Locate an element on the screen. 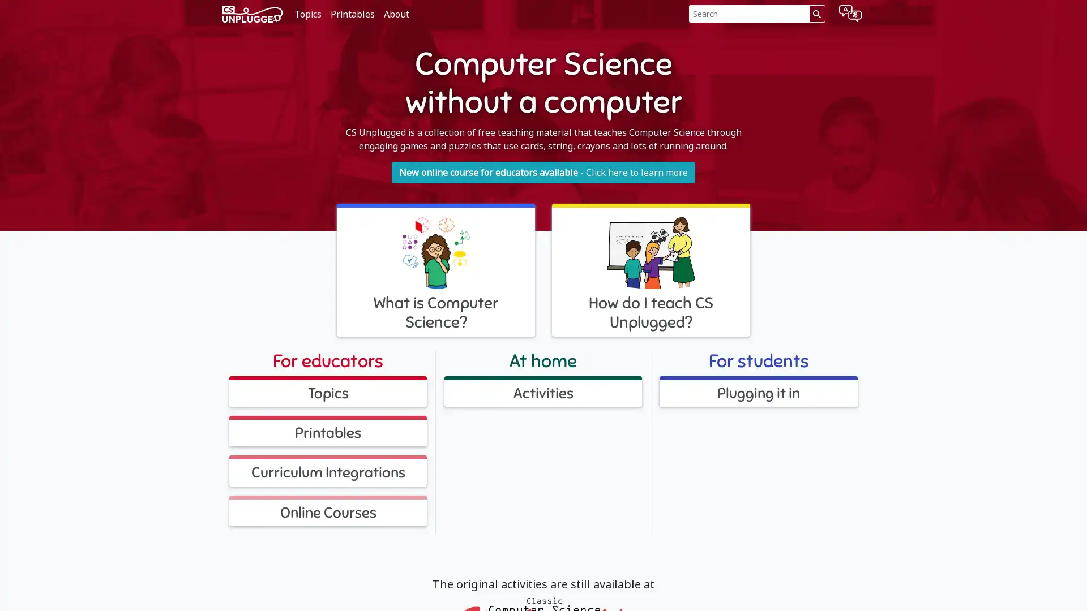 This screenshot has width=1087, height=611. New online course for educators available - Click here to learn more is located at coordinates (543, 172).